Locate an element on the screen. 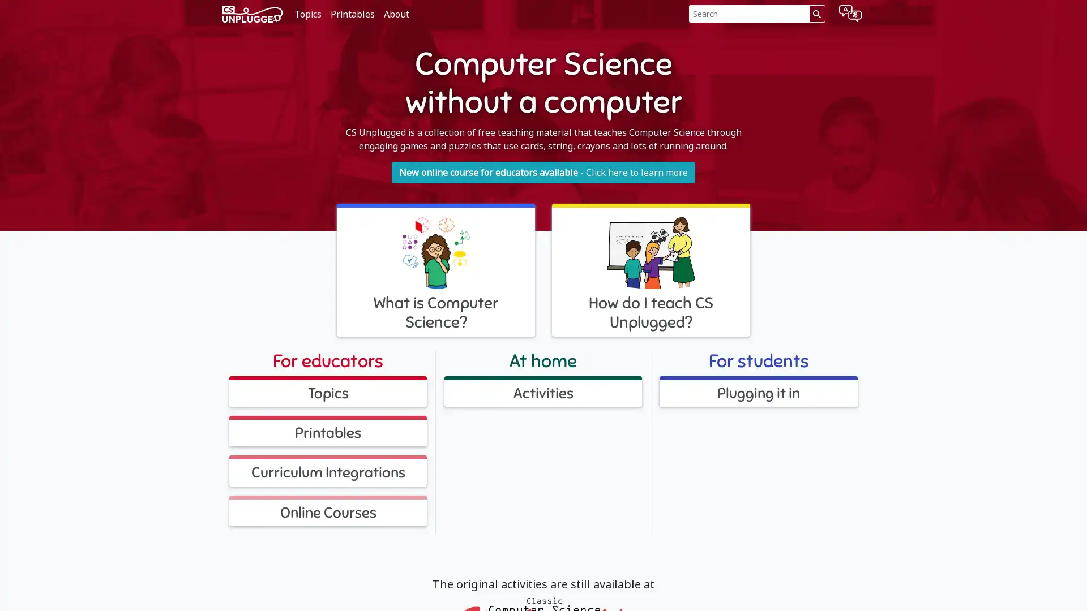 This screenshot has width=1087, height=611. New online course for educators available - Click here to learn more is located at coordinates (543, 172).